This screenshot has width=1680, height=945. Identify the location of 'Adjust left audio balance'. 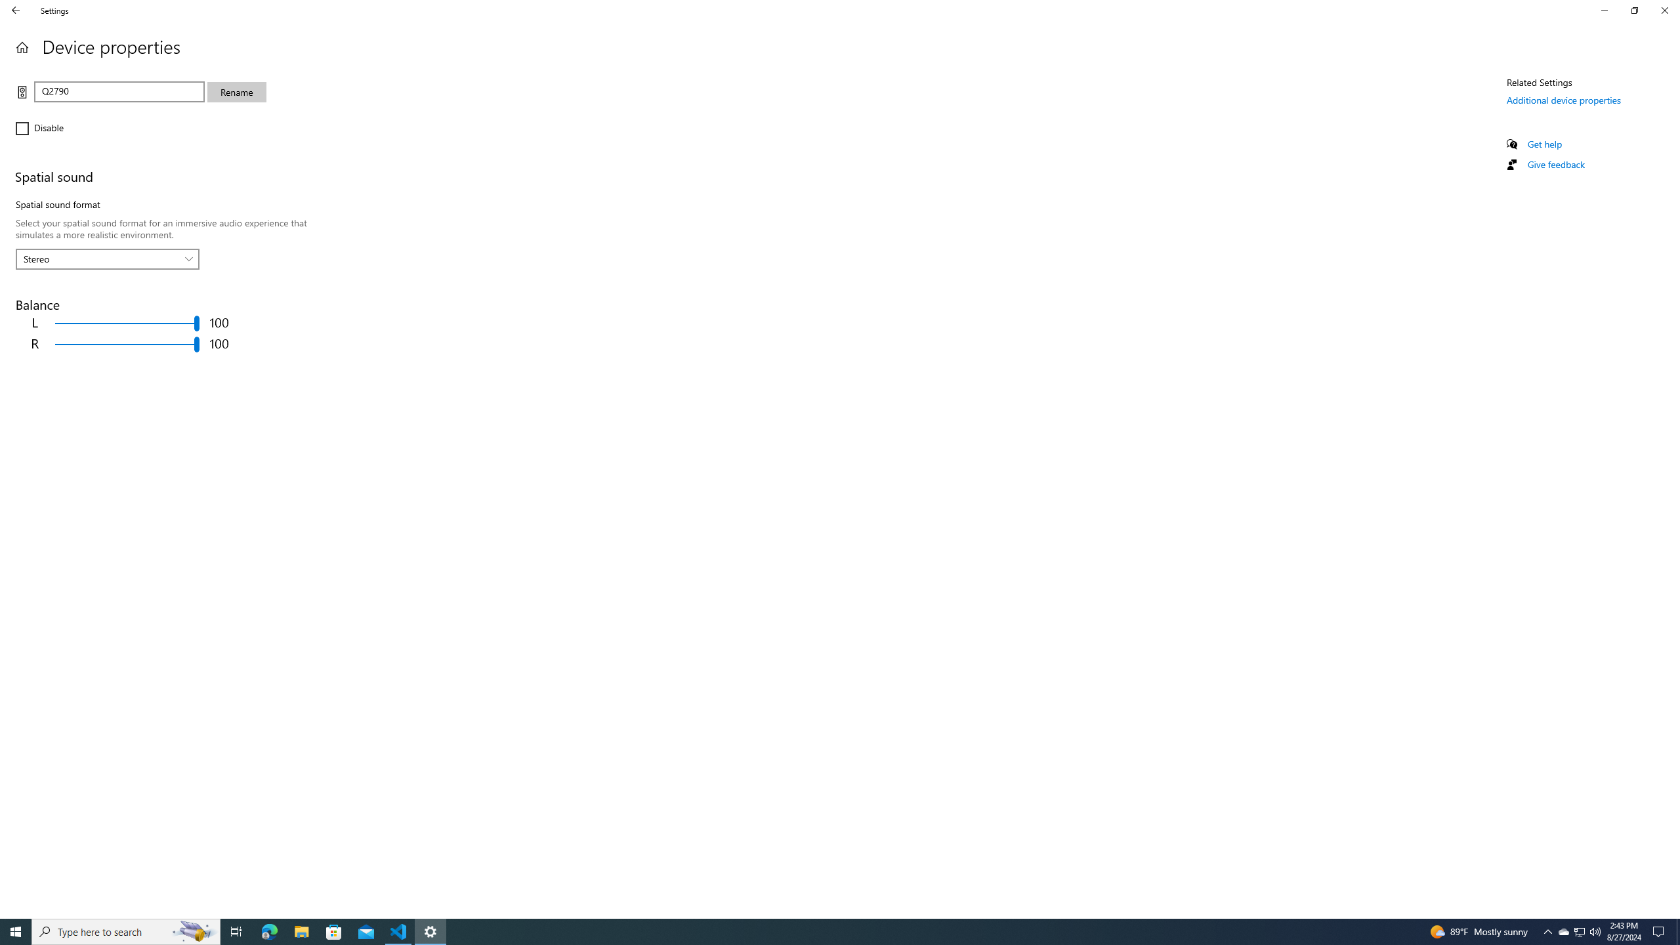
(127, 322).